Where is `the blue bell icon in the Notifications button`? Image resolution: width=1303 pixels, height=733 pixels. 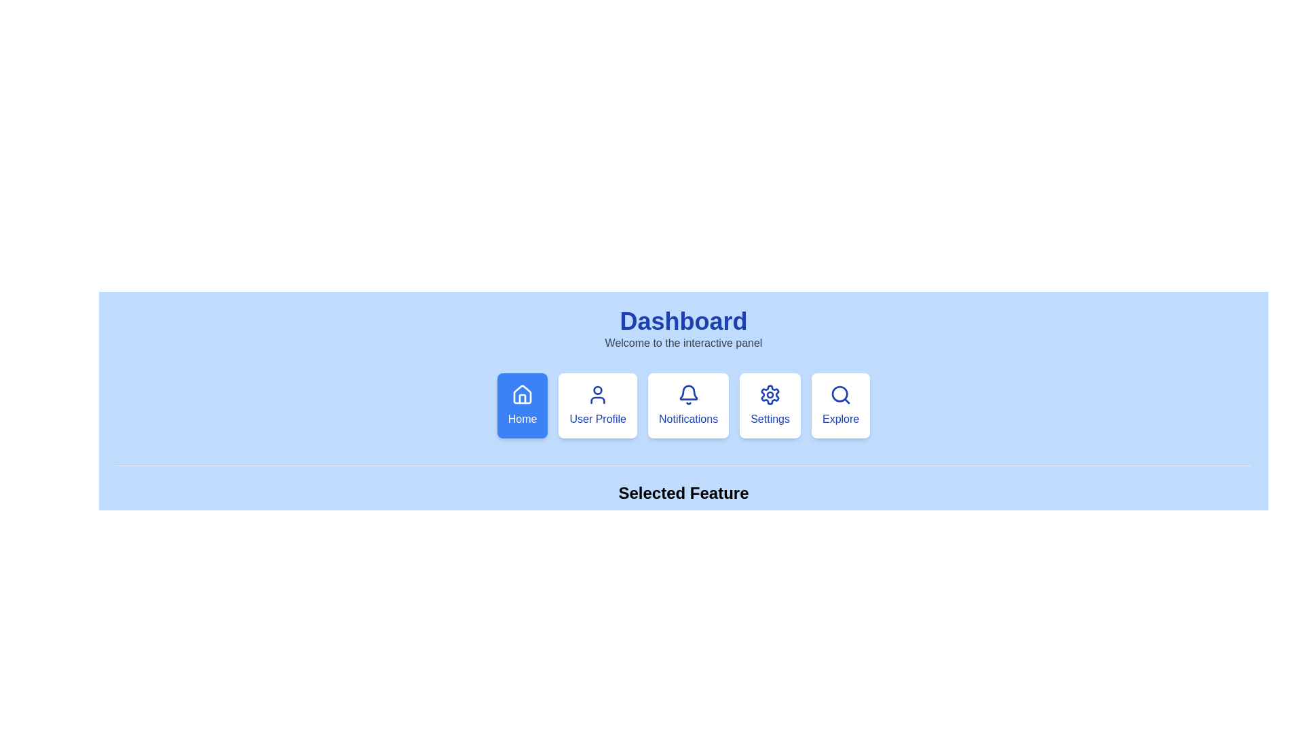
the blue bell icon in the Notifications button is located at coordinates (688, 395).